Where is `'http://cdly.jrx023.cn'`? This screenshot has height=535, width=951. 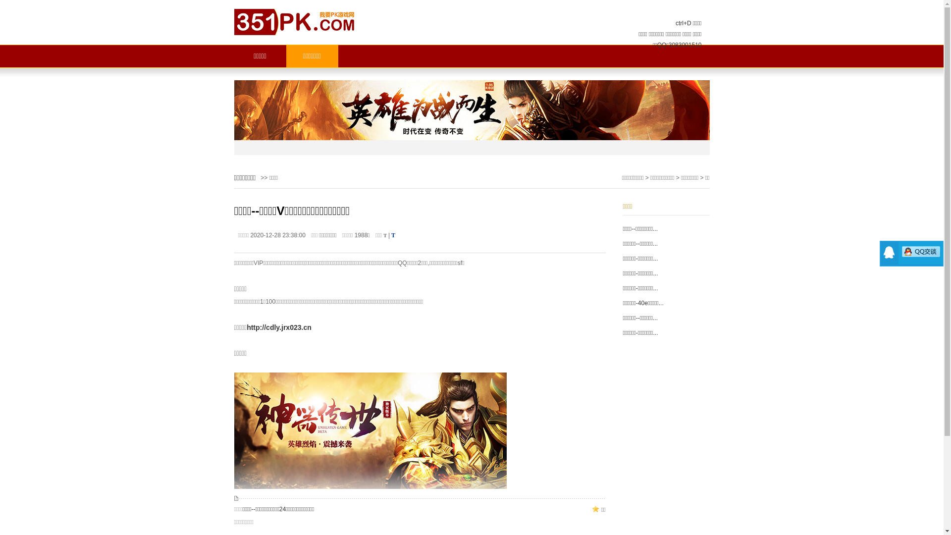 'http://cdly.jrx023.cn' is located at coordinates (247, 327).